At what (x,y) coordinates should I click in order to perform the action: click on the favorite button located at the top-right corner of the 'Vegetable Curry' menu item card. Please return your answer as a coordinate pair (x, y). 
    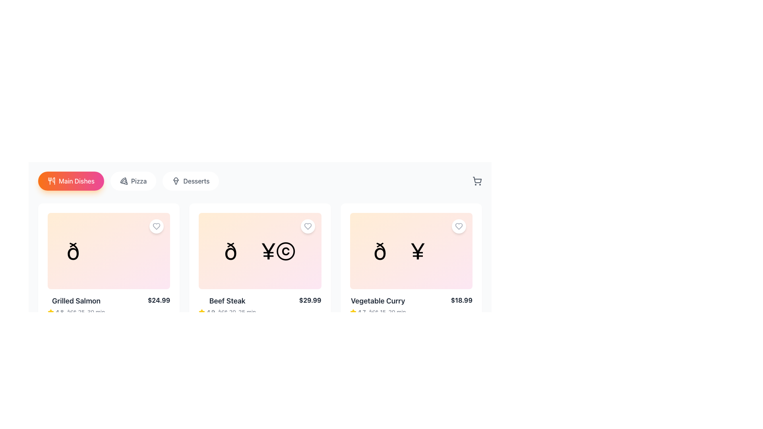
    Looking at the image, I should click on (459, 226).